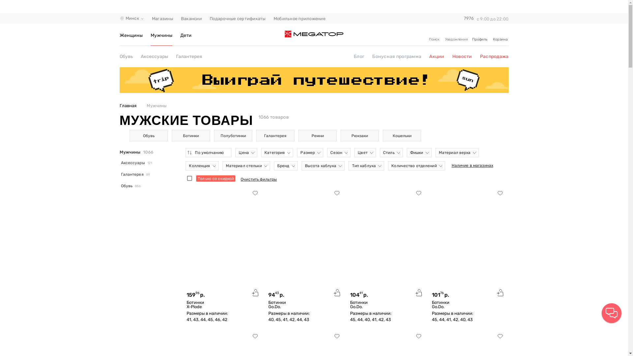 Image resolution: width=633 pixels, height=356 pixels. I want to click on '7976', so click(468, 18).